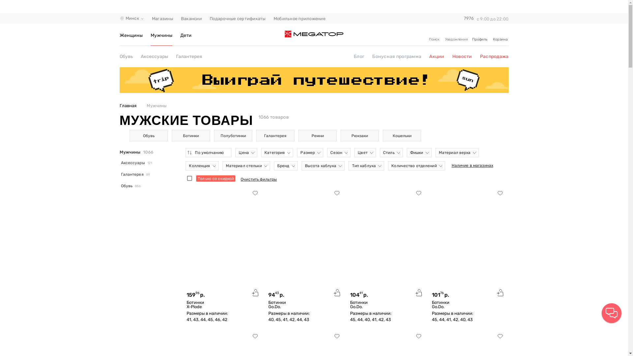 Image resolution: width=633 pixels, height=356 pixels. I want to click on '7976', so click(468, 18).